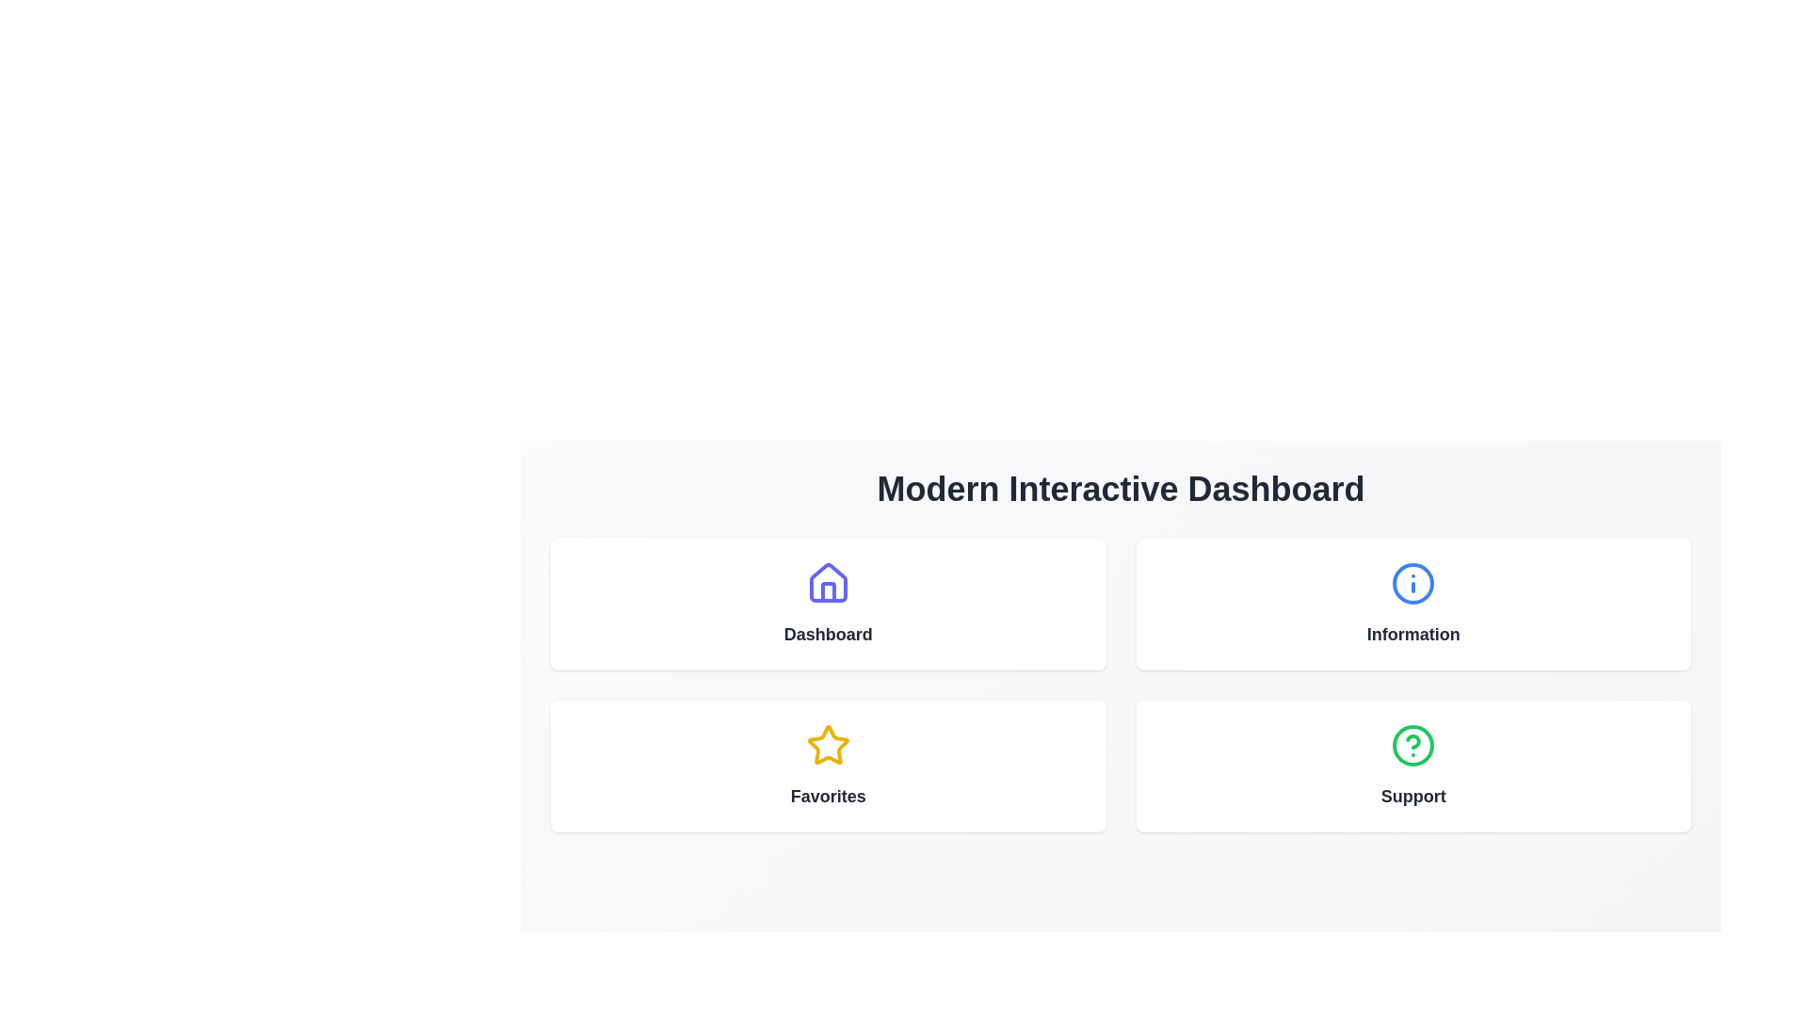 This screenshot has height=1017, width=1808. I want to click on the 'Support' Interactive Card, which features a green question mark icon and is located in the bottom-right quadrant of the grid, so click(1413, 766).